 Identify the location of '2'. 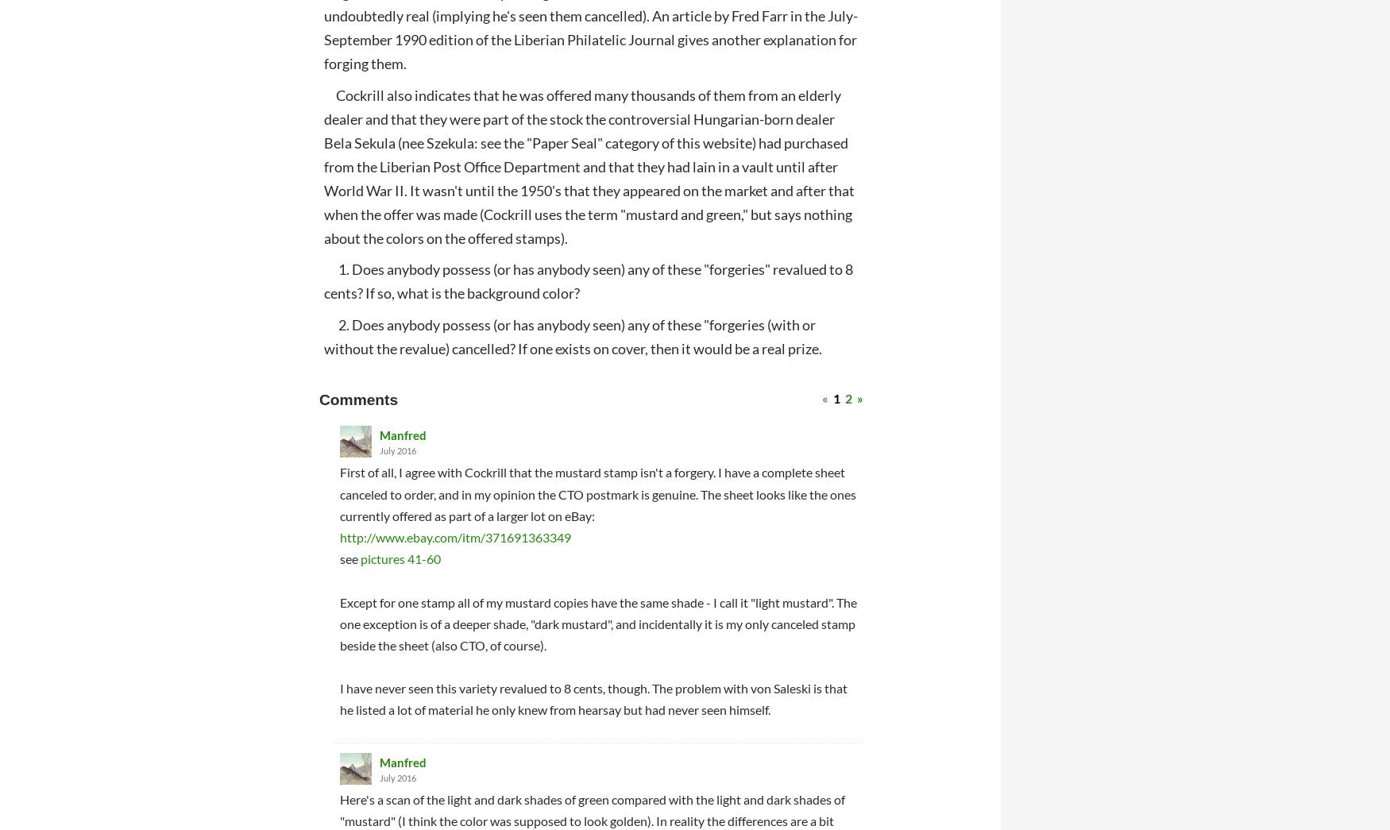
(848, 397).